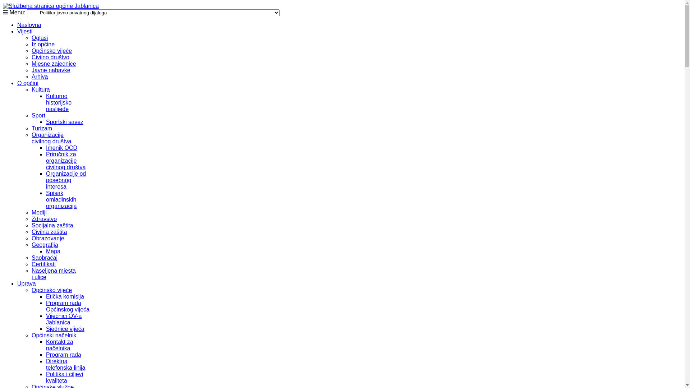 The width and height of the screenshot is (690, 388). What do you see at coordinates (39, 38) in the screenshot?
I see `'Oglasi'` at bounding box center [39, 38].